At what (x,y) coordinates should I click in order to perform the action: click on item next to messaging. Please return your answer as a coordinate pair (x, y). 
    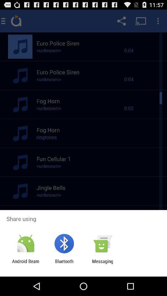
    Looking at the image, I should click on (64, 264).